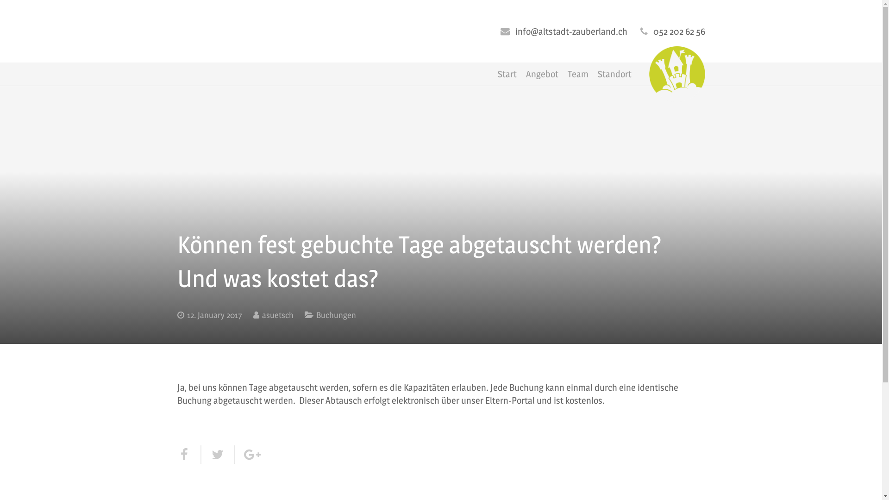 This screenshot has height=500, width=889. What do you see at coordinates (507, 73) in the screenshot?
I see `'Start'` at bounding box center [507, 73].